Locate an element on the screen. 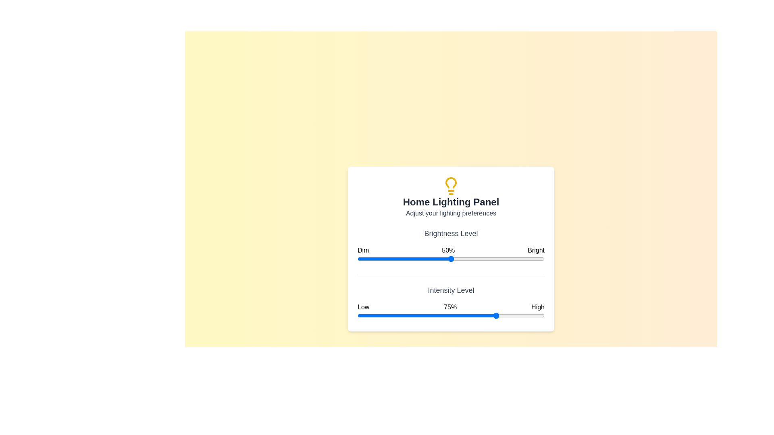  the static text label that displays 'Adjust your lighting preferences', which is styled in gray and located below the title 'Home Lighting Panel' is located at coordinates (450, 213).